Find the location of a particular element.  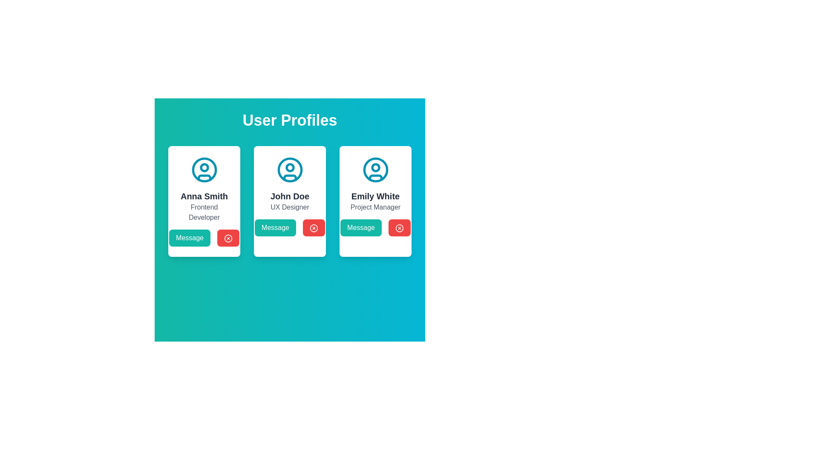

the teal button with rounded corners and white text reading 'Message' located in the second user profile card for 'John Doe UX Designer' to initiate a message is located at coordinates (290, 227).